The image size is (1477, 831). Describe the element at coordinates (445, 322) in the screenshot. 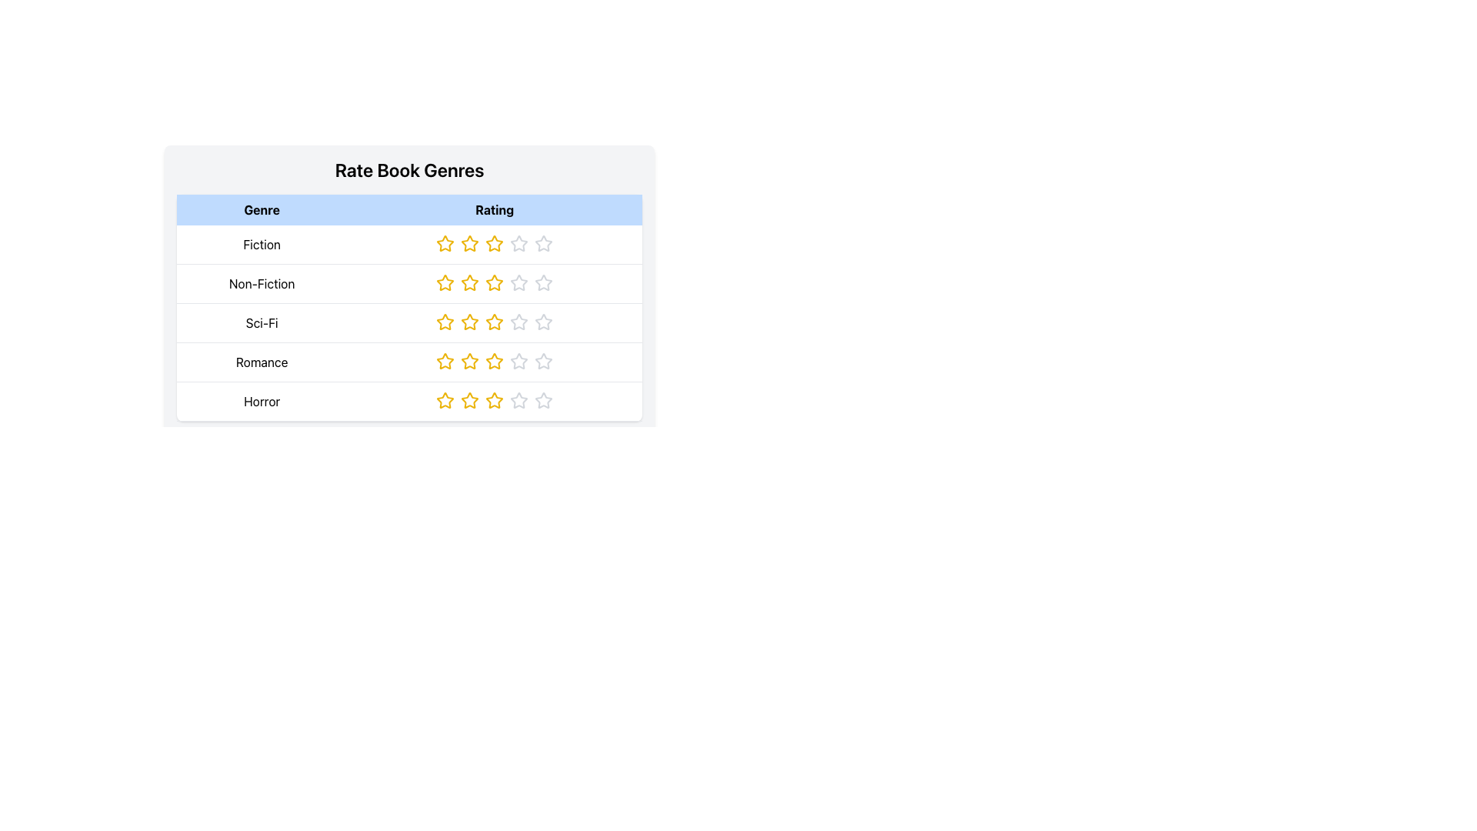

I see `the interactive star icon for the 'Sci-Fi' genre to receive interaction feedback` at that location.